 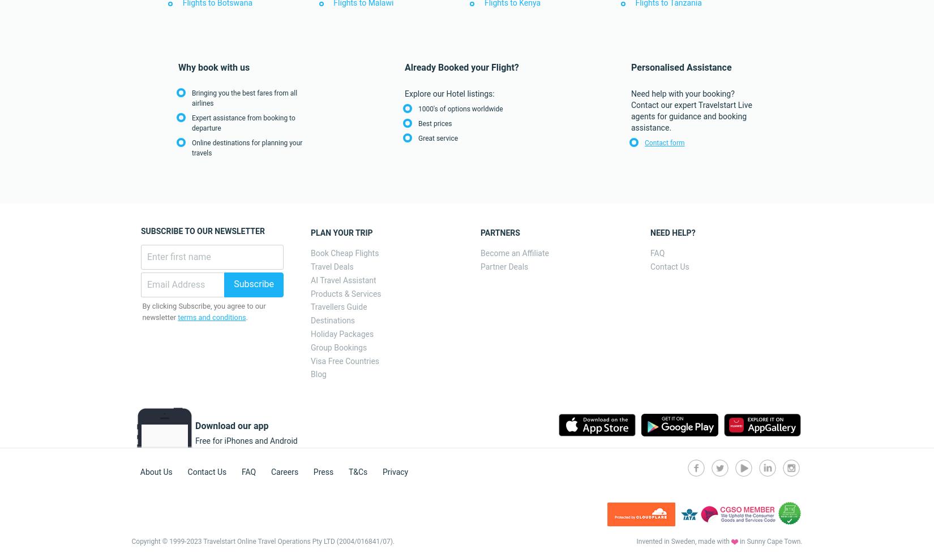 I want to click on 'By clicking Subscribe,
you
agree to our newsletter', so click(x=204, y=311).